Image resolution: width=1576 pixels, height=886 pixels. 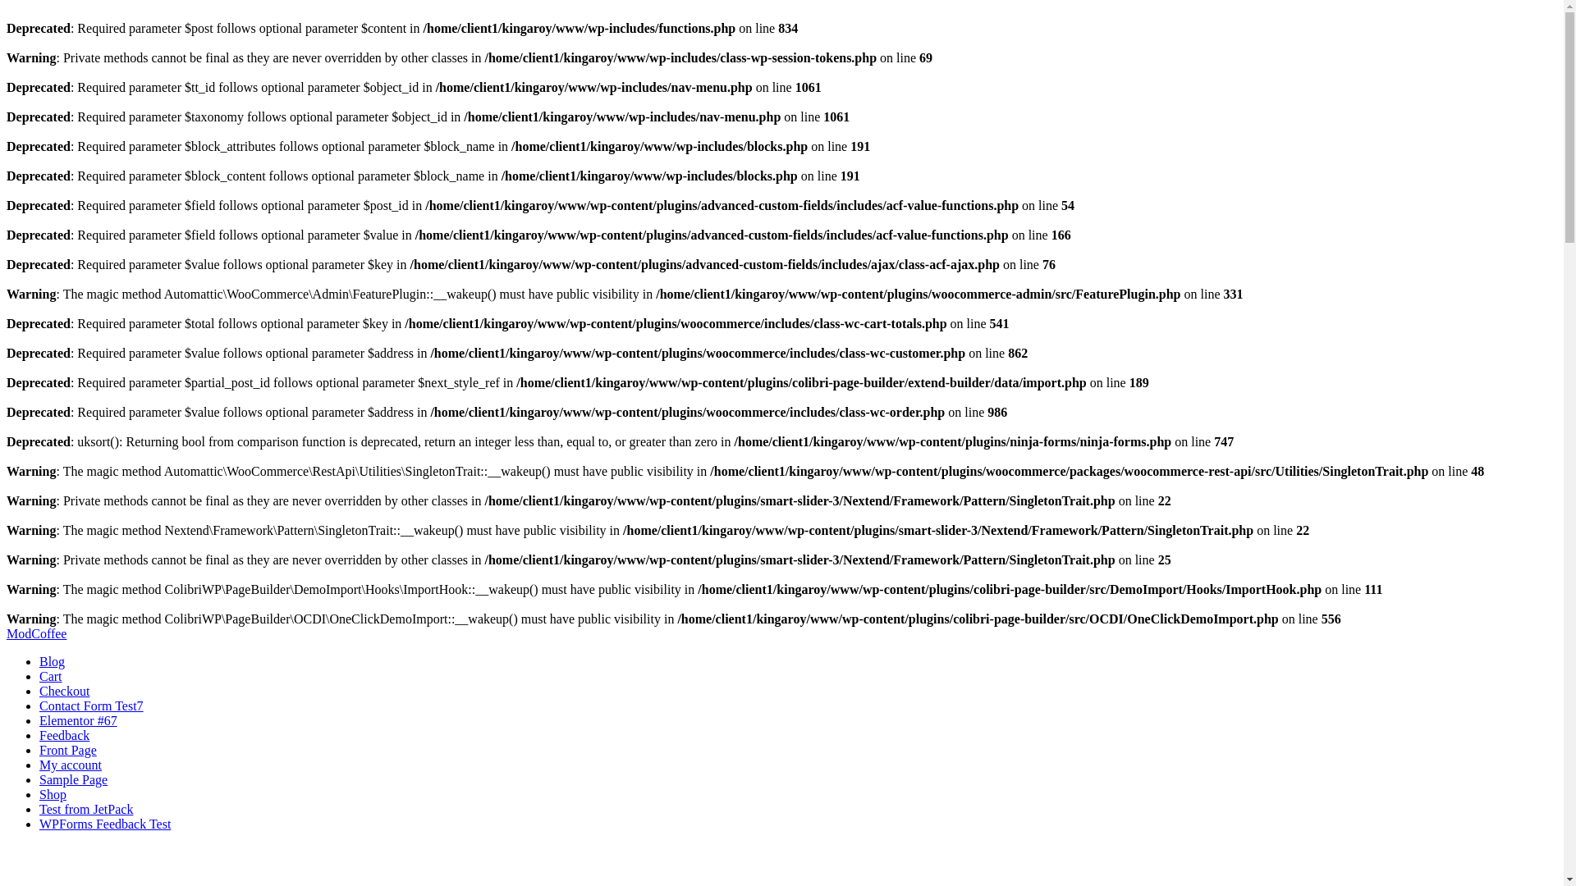 What do you see at coordinates (104, 824) in the screenshot?
I see `'WPForms Feedback Test'` at bounding box center [104, 824].